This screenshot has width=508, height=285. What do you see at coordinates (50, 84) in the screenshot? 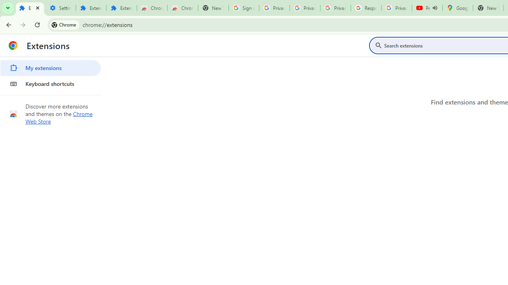
I see `'Keyboard shortcuts'` at bounding box center [50, 84].